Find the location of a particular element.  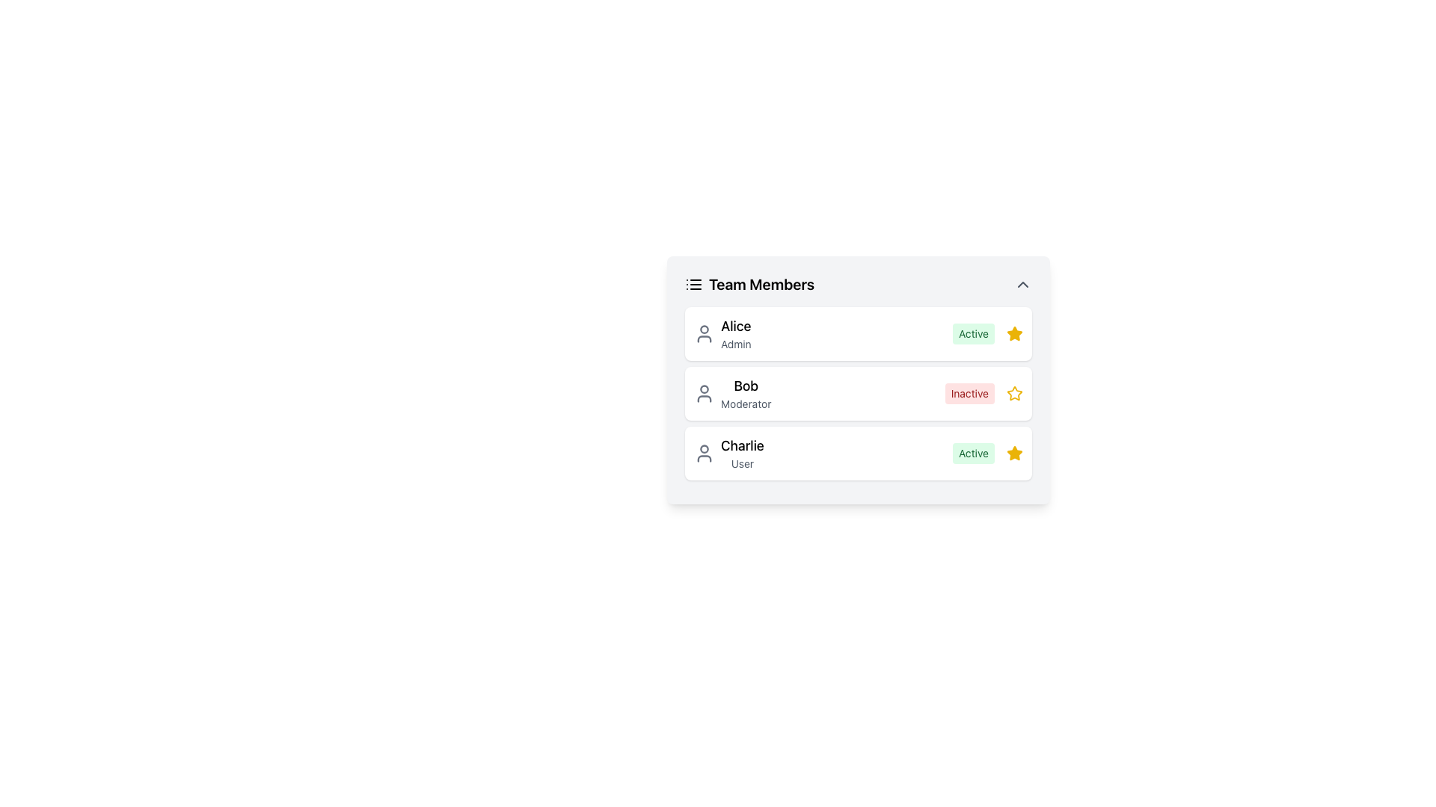

the user profile icon located to the far left of the row containing the text 'Alice Admin' is located at coordinates (703, 333).